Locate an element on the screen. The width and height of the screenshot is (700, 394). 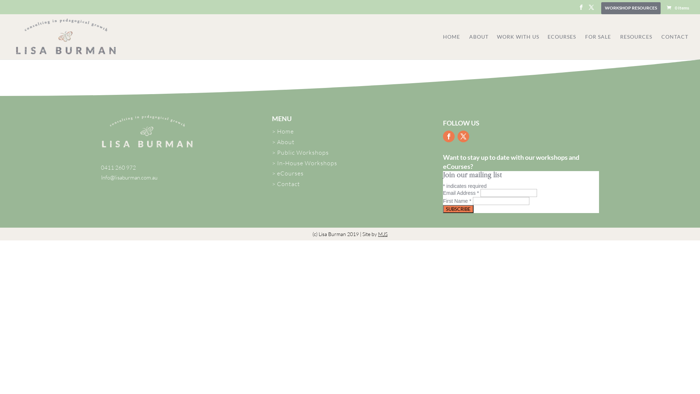
'Public Workshops' is located at coordinates (303, 152).